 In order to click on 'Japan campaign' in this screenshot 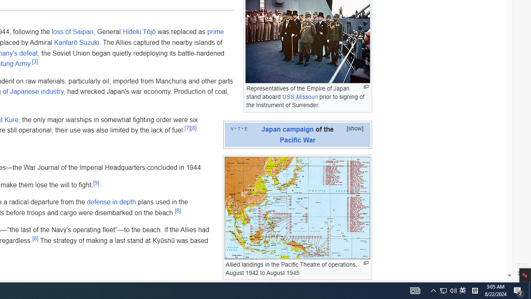, I will do `click(287, 129)`.